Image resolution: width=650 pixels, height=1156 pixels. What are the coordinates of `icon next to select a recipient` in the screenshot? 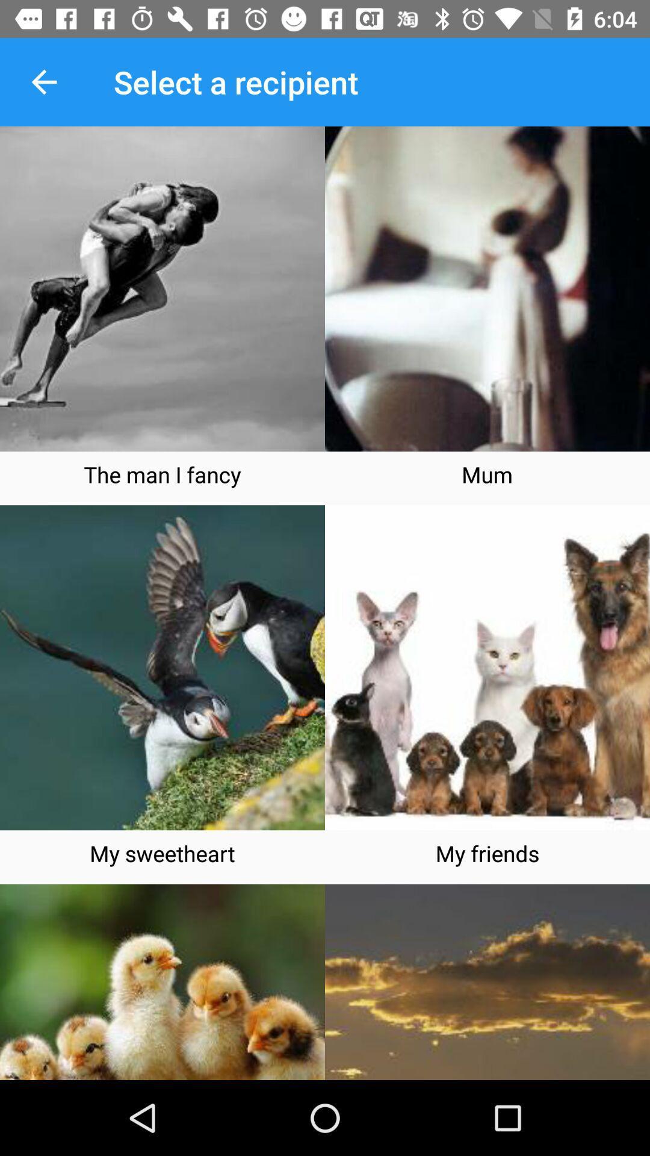 It's located at (43, 81).